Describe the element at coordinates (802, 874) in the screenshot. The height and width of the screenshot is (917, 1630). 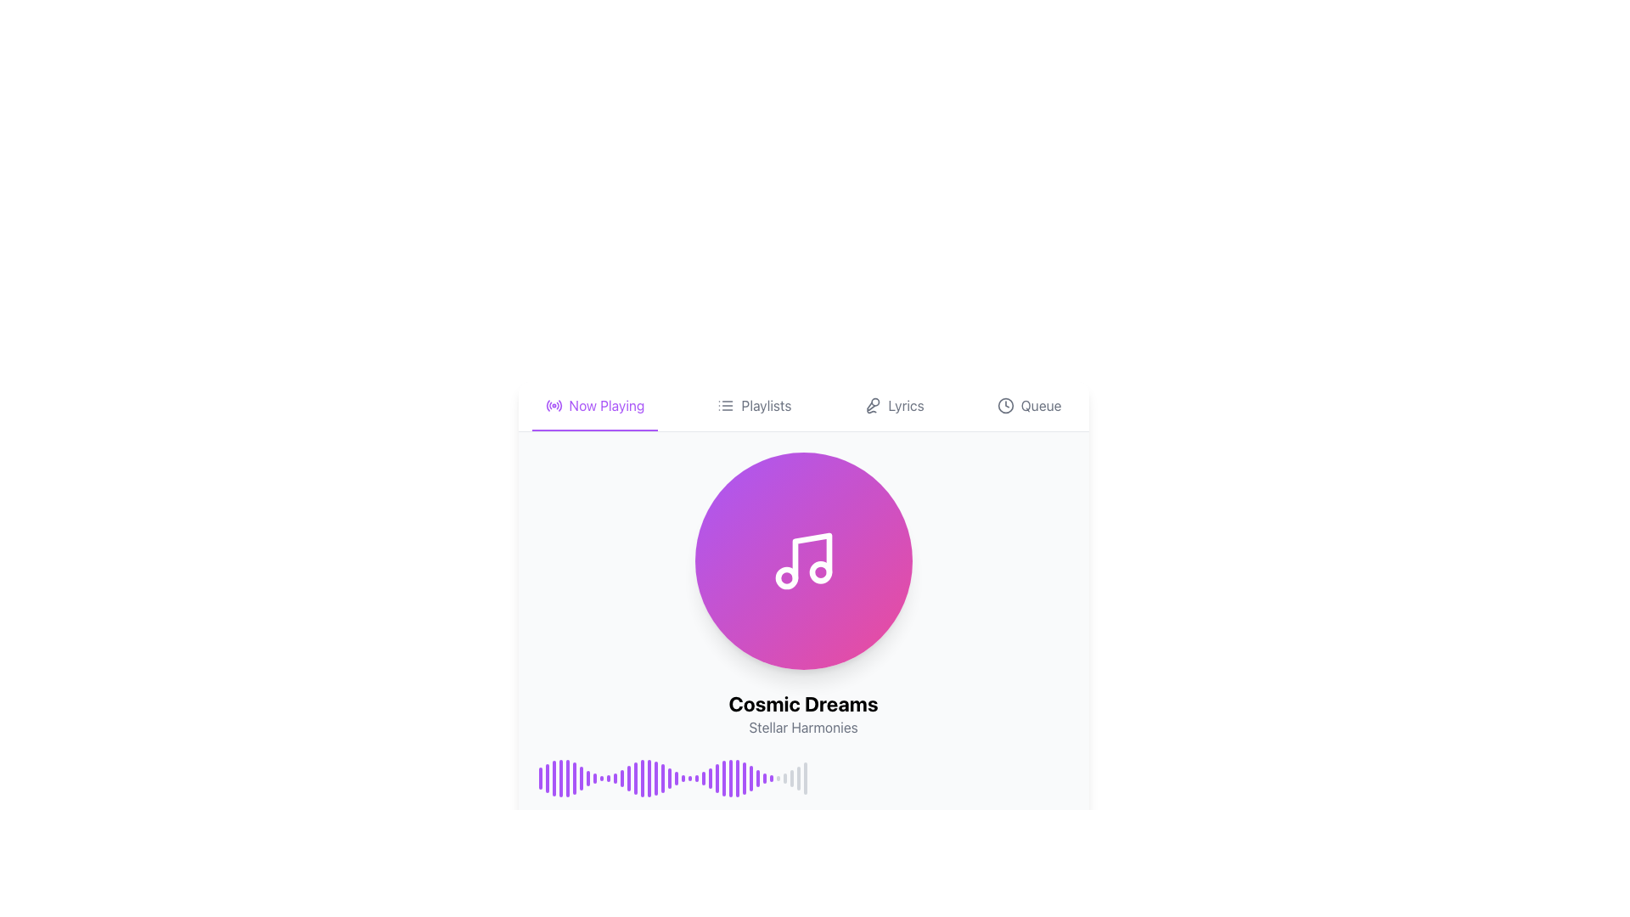
I see `the decorative bar located at the bottom of the interface, aligned centrally beneath the main content area` at that location.